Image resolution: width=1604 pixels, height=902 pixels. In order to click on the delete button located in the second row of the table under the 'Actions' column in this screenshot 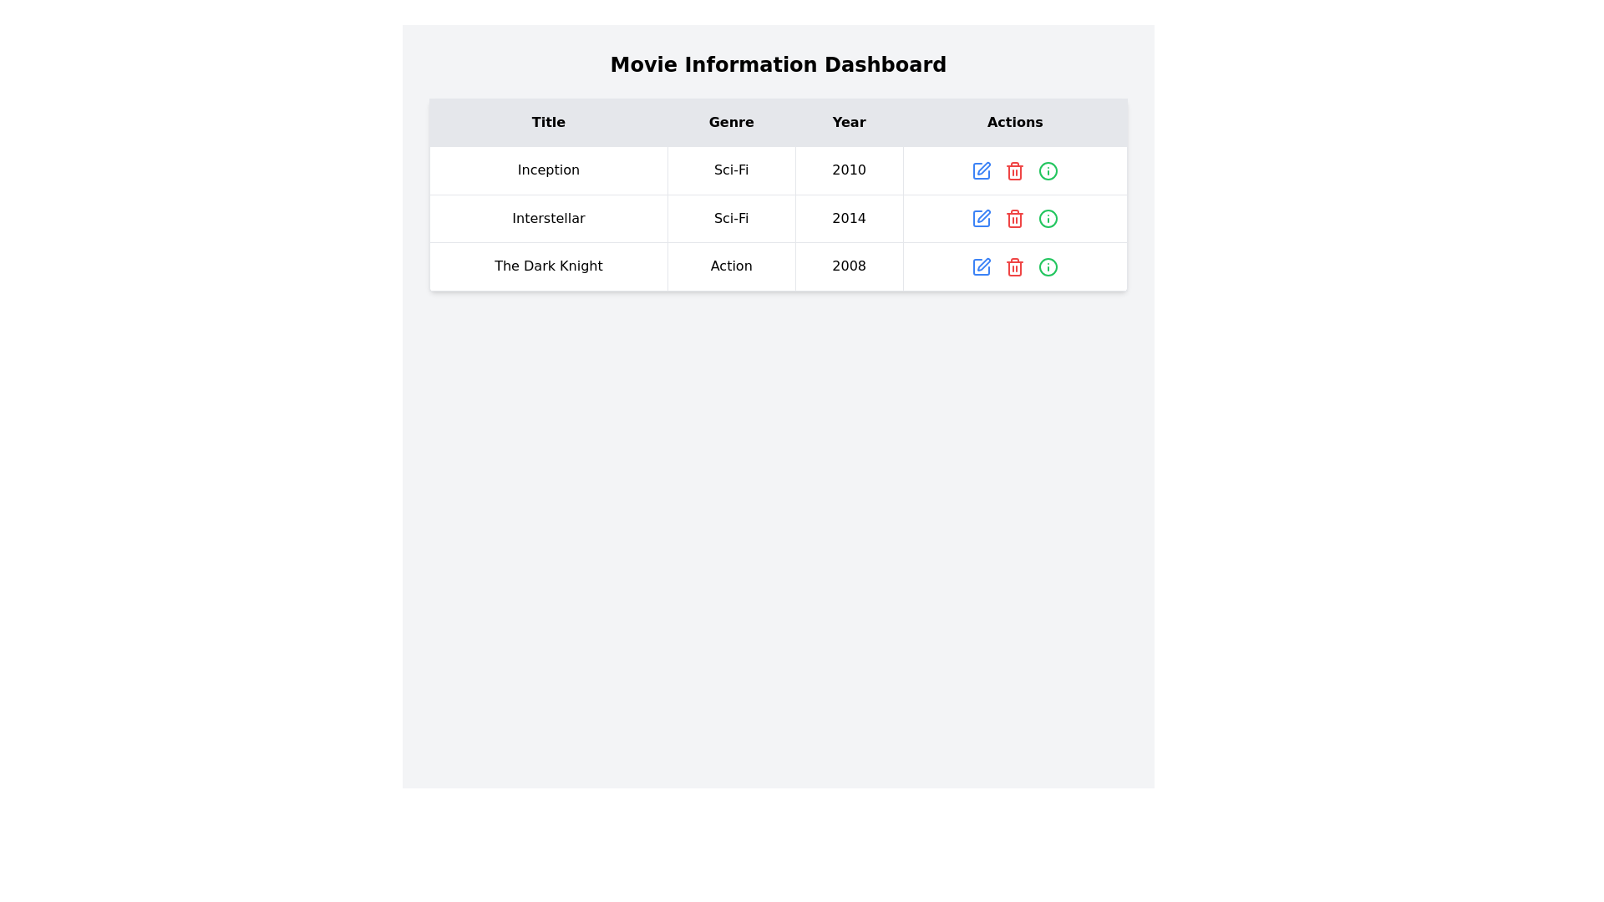, I will do `click(1014, 217)`.